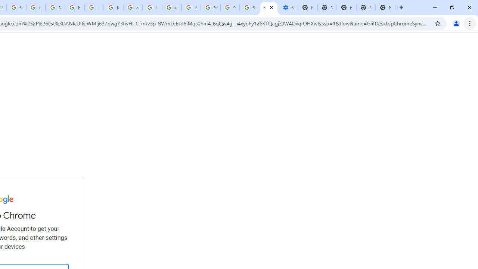  Describe the element at coordinates (152, 7) in the screenshot. I see `'Trusted Information and Content - Google Safety Center'` at that location.